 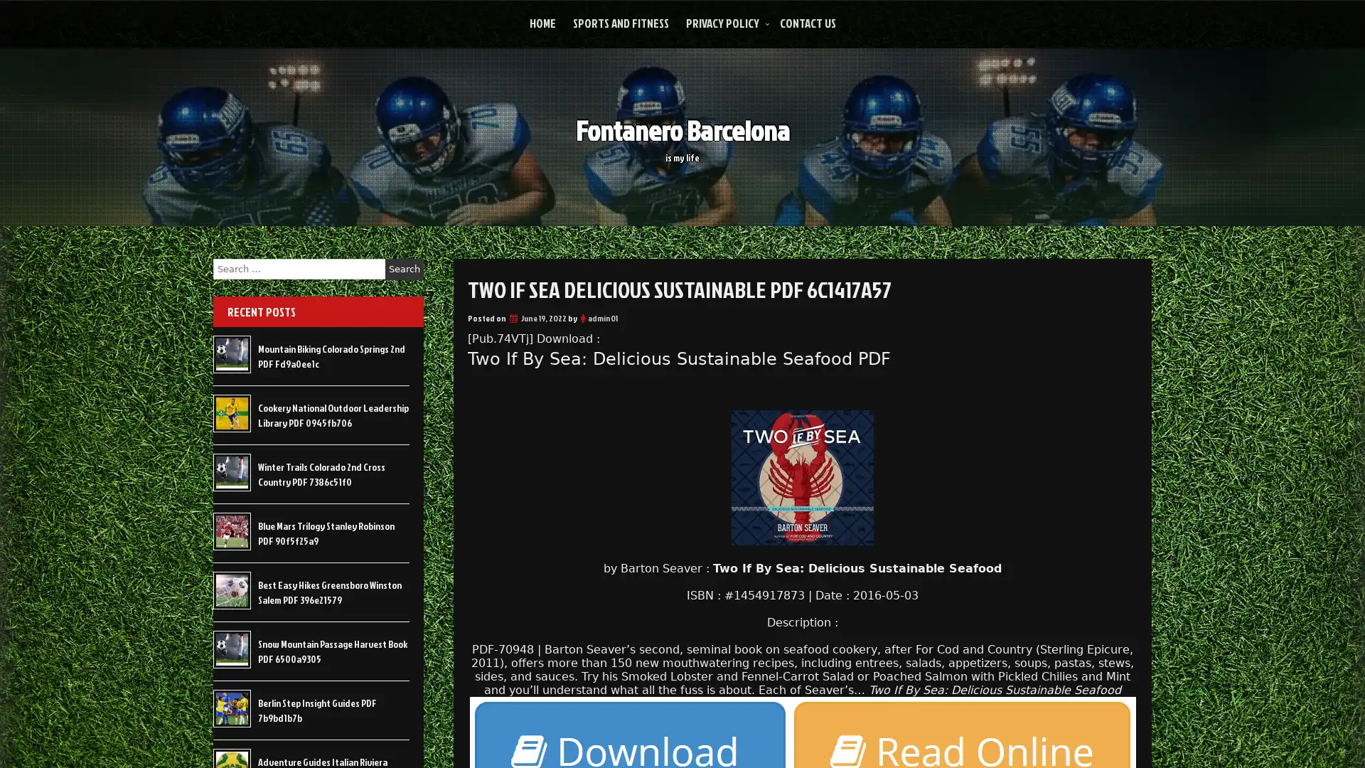 What do you see at coordinates (404, 269) in the screenshot?
I see `Search` at bounding box center [404, 269].